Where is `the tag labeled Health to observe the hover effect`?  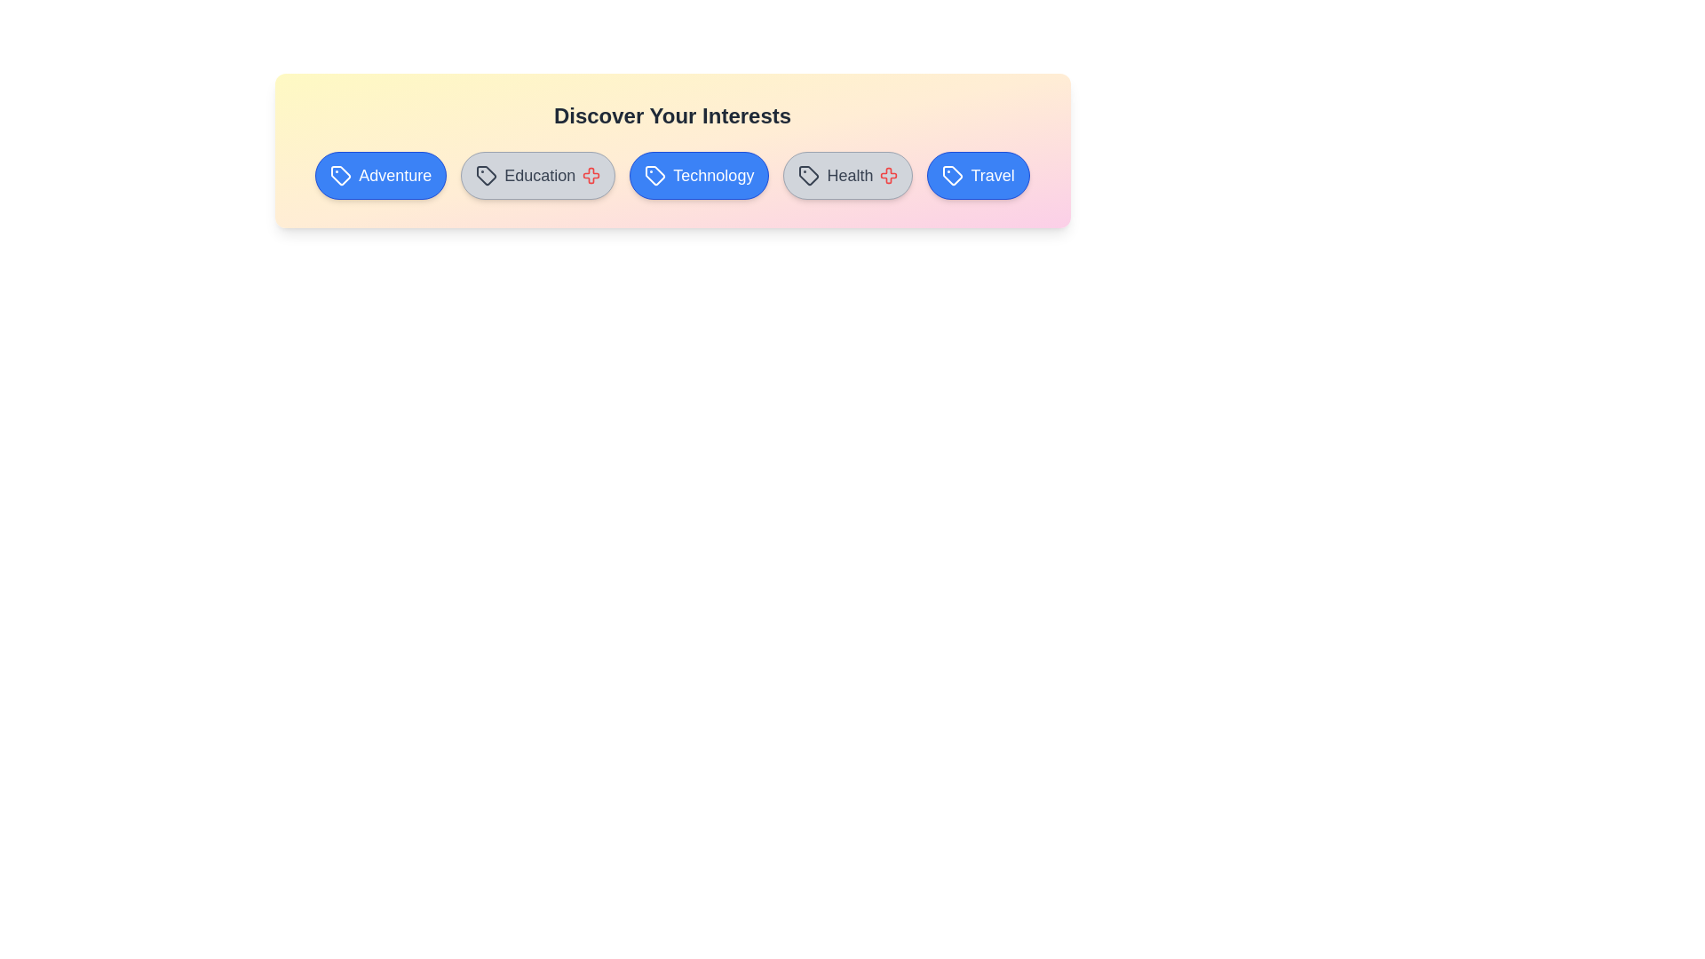 the tag labeled Health to observe the hover effect is located at coordinates (847, 175).